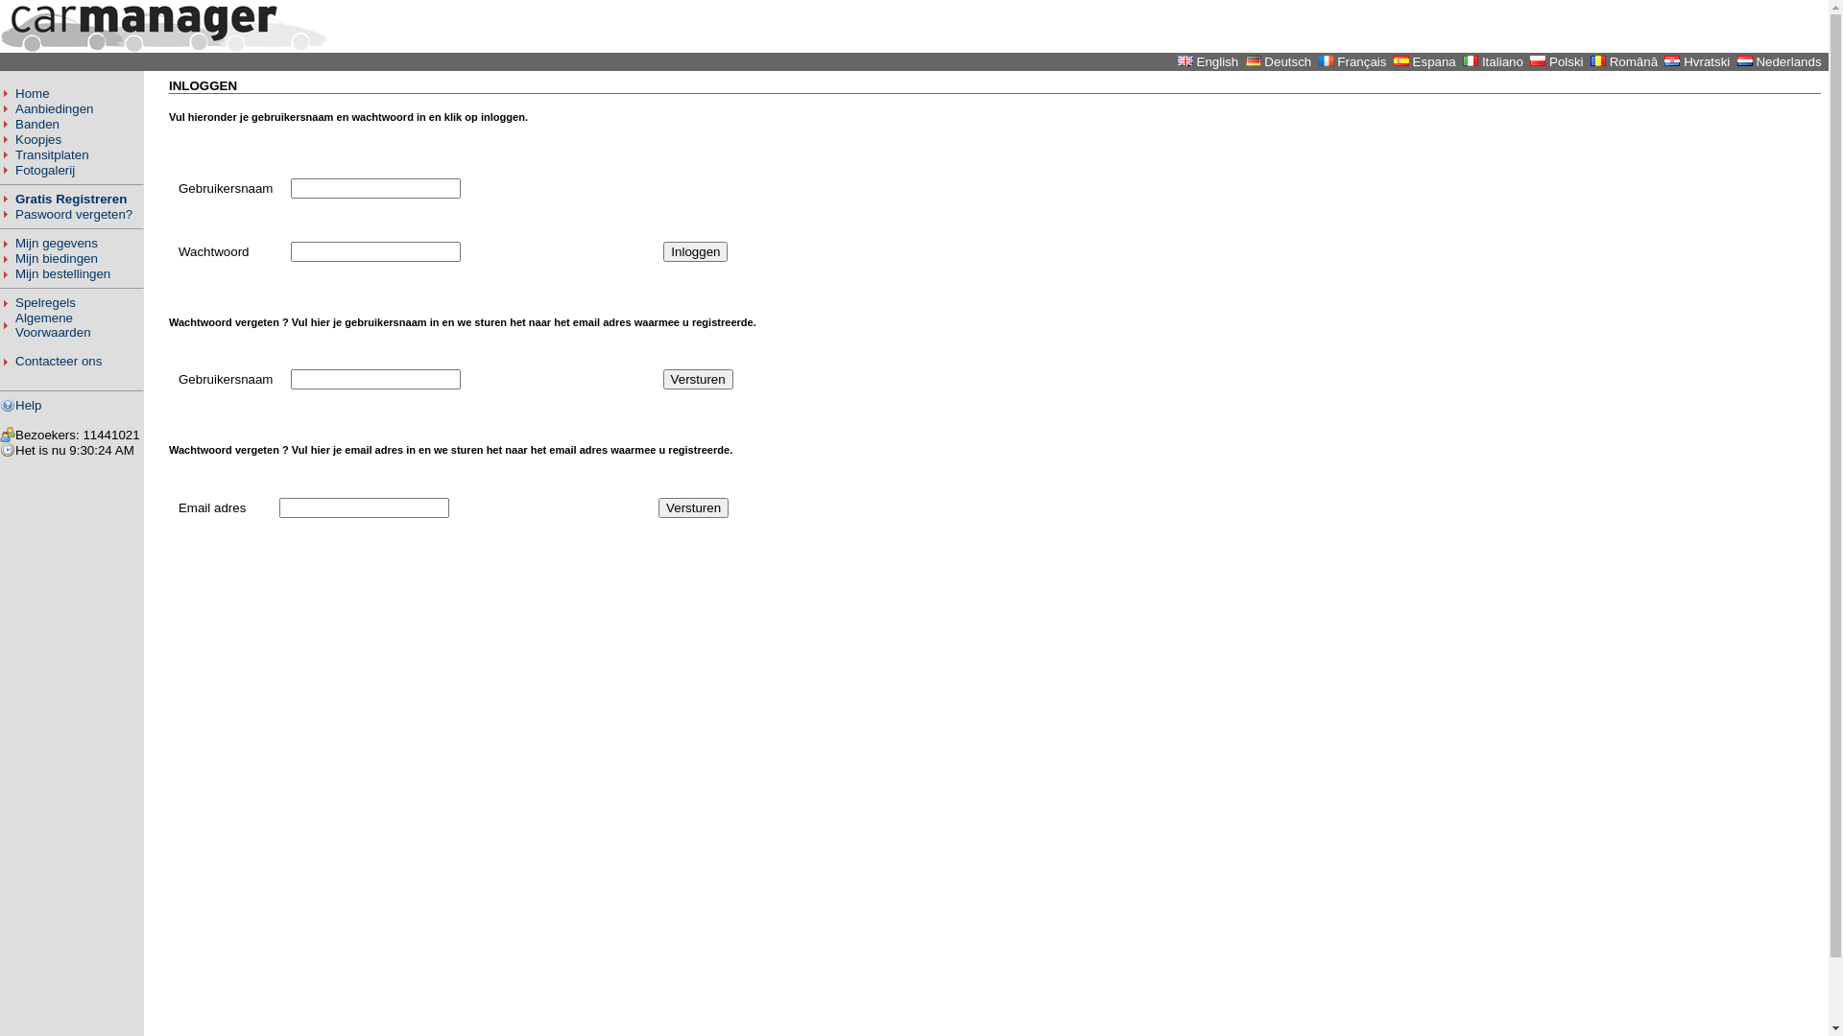 The width and height of the screenshot is (1843, 1036). What do you see at coordinates (697, 379) in the screenshot?
I see `'Versturen'` at bounding box center [697, 379].